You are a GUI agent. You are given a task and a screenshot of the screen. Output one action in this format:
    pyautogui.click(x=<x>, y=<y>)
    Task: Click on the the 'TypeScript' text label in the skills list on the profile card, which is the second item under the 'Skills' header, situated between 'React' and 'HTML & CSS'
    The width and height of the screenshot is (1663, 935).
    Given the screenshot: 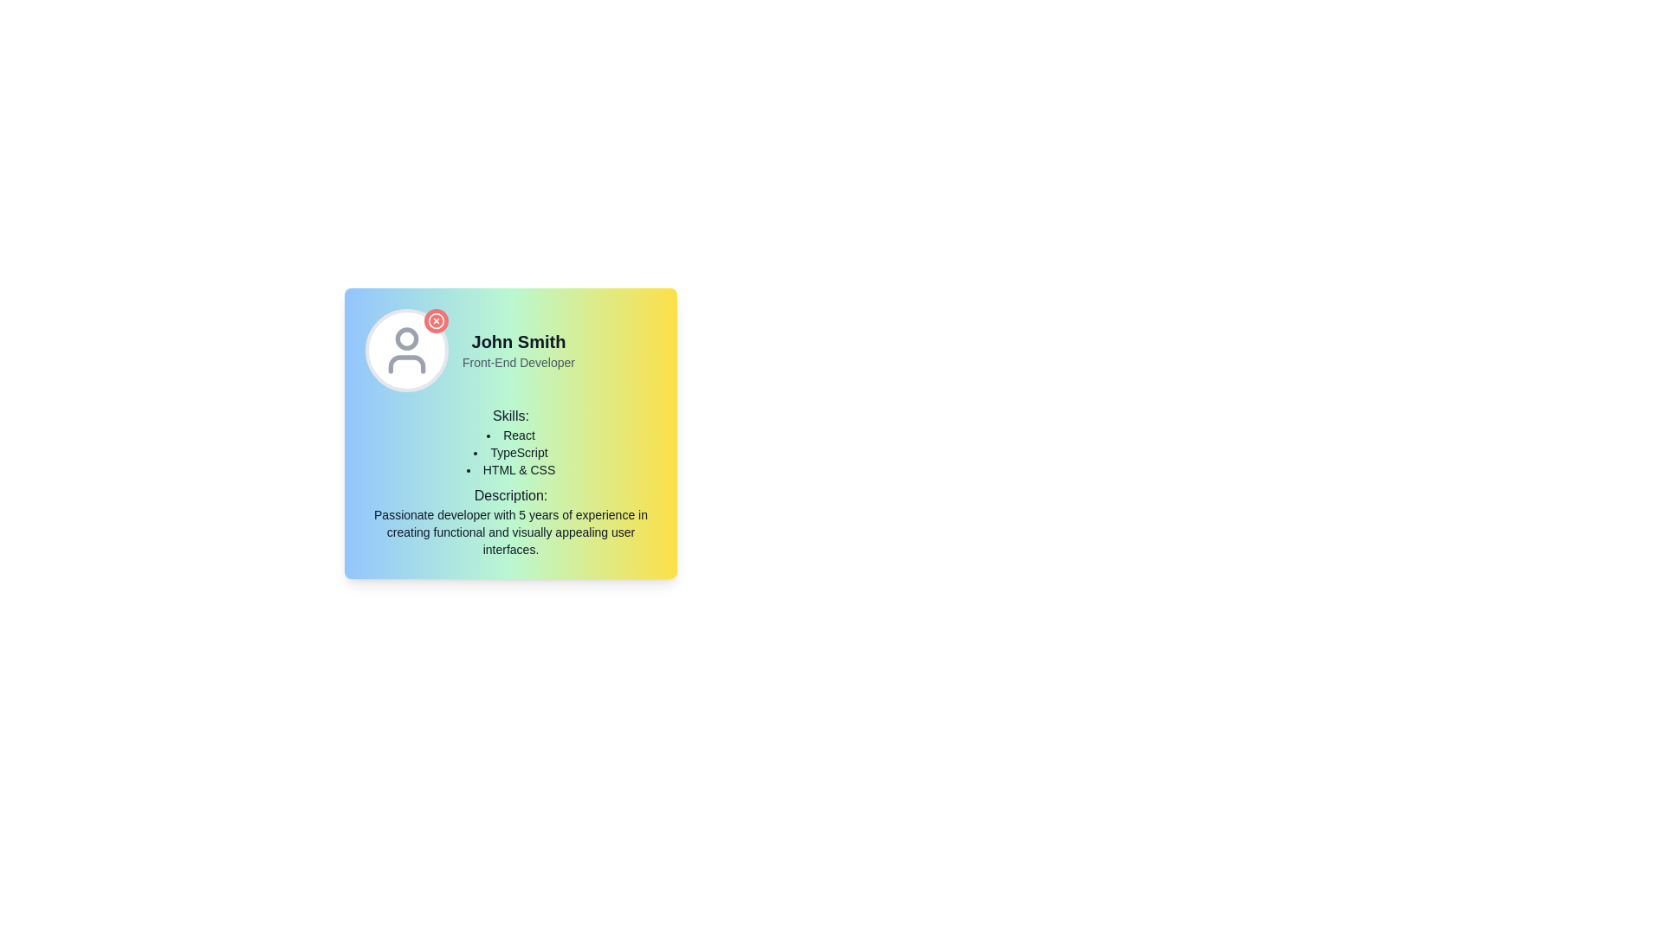 What is the action you would take?
    pyautogui.click(x=510, y=452)
    